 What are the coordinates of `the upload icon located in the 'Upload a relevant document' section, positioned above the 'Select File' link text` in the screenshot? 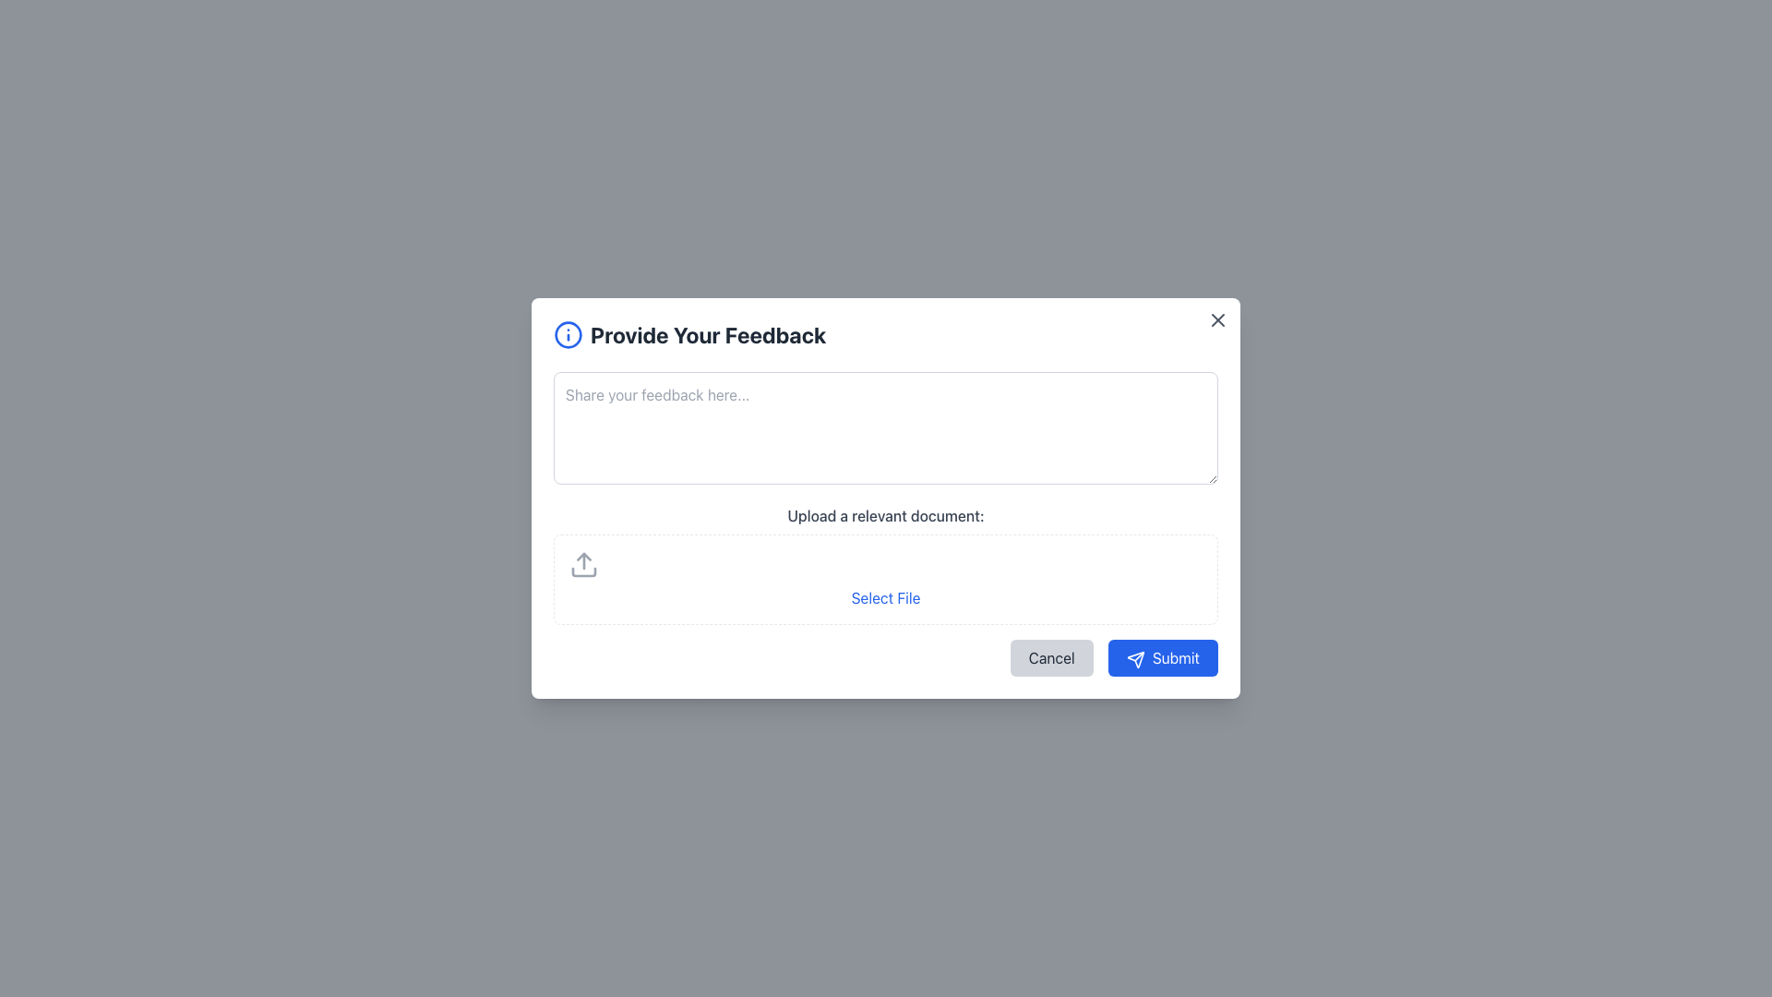 It's located at (583, 564).